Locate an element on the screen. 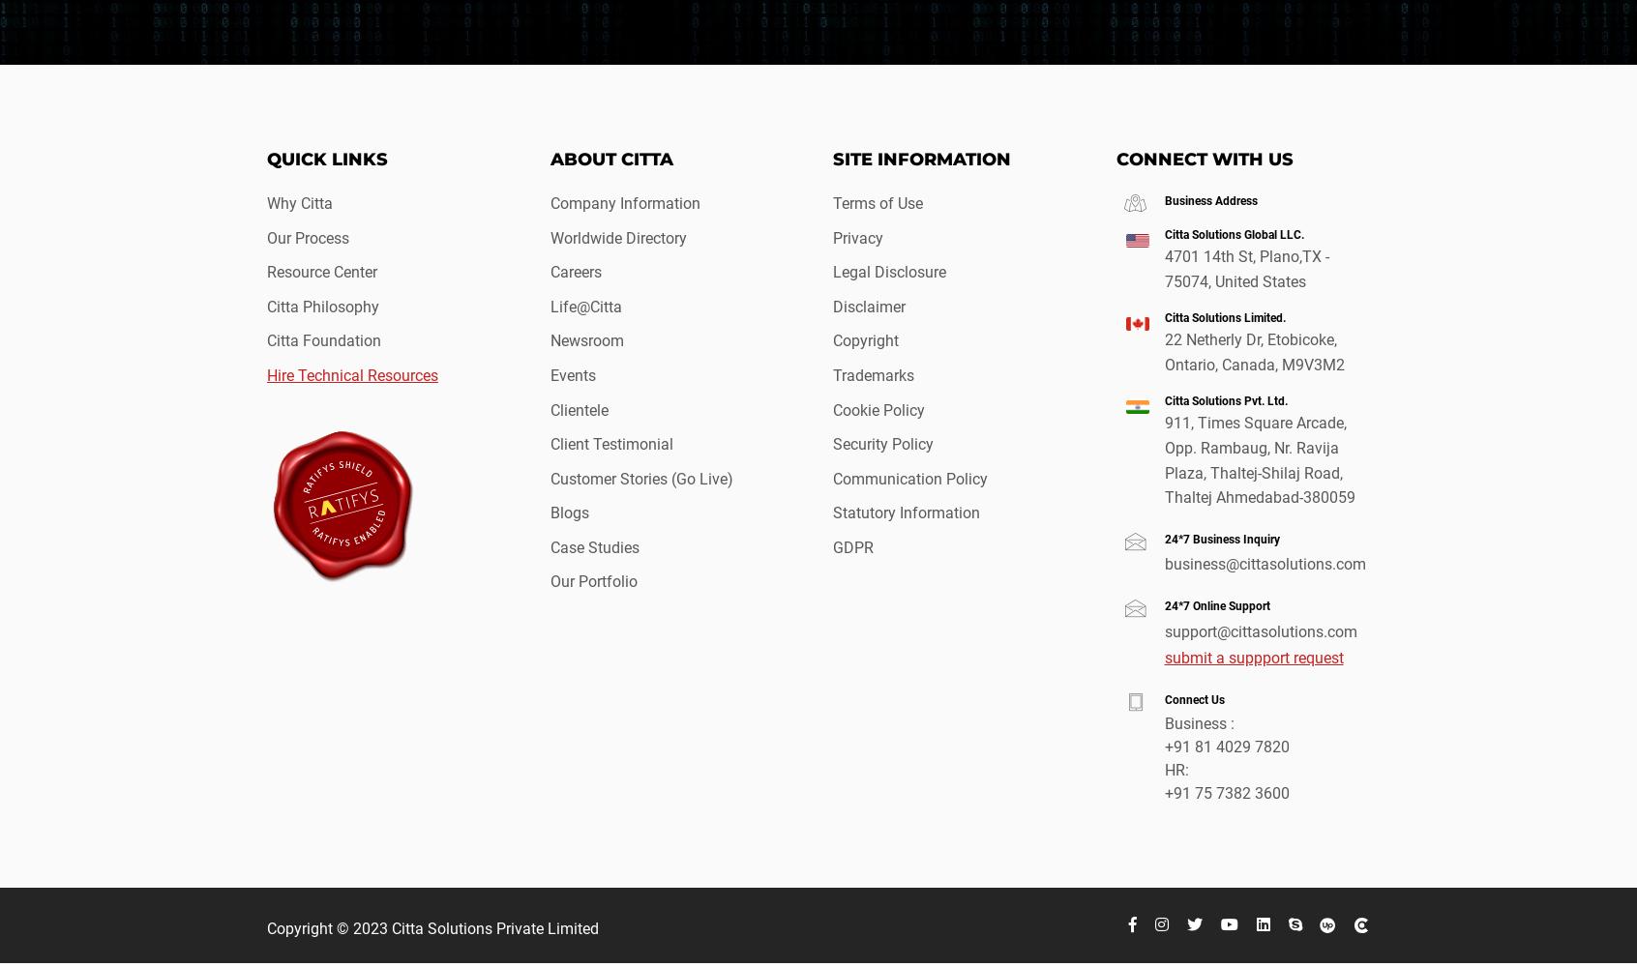 The image size is (1637, 967). 'Newsroom' is located at coordinates (585, 339).